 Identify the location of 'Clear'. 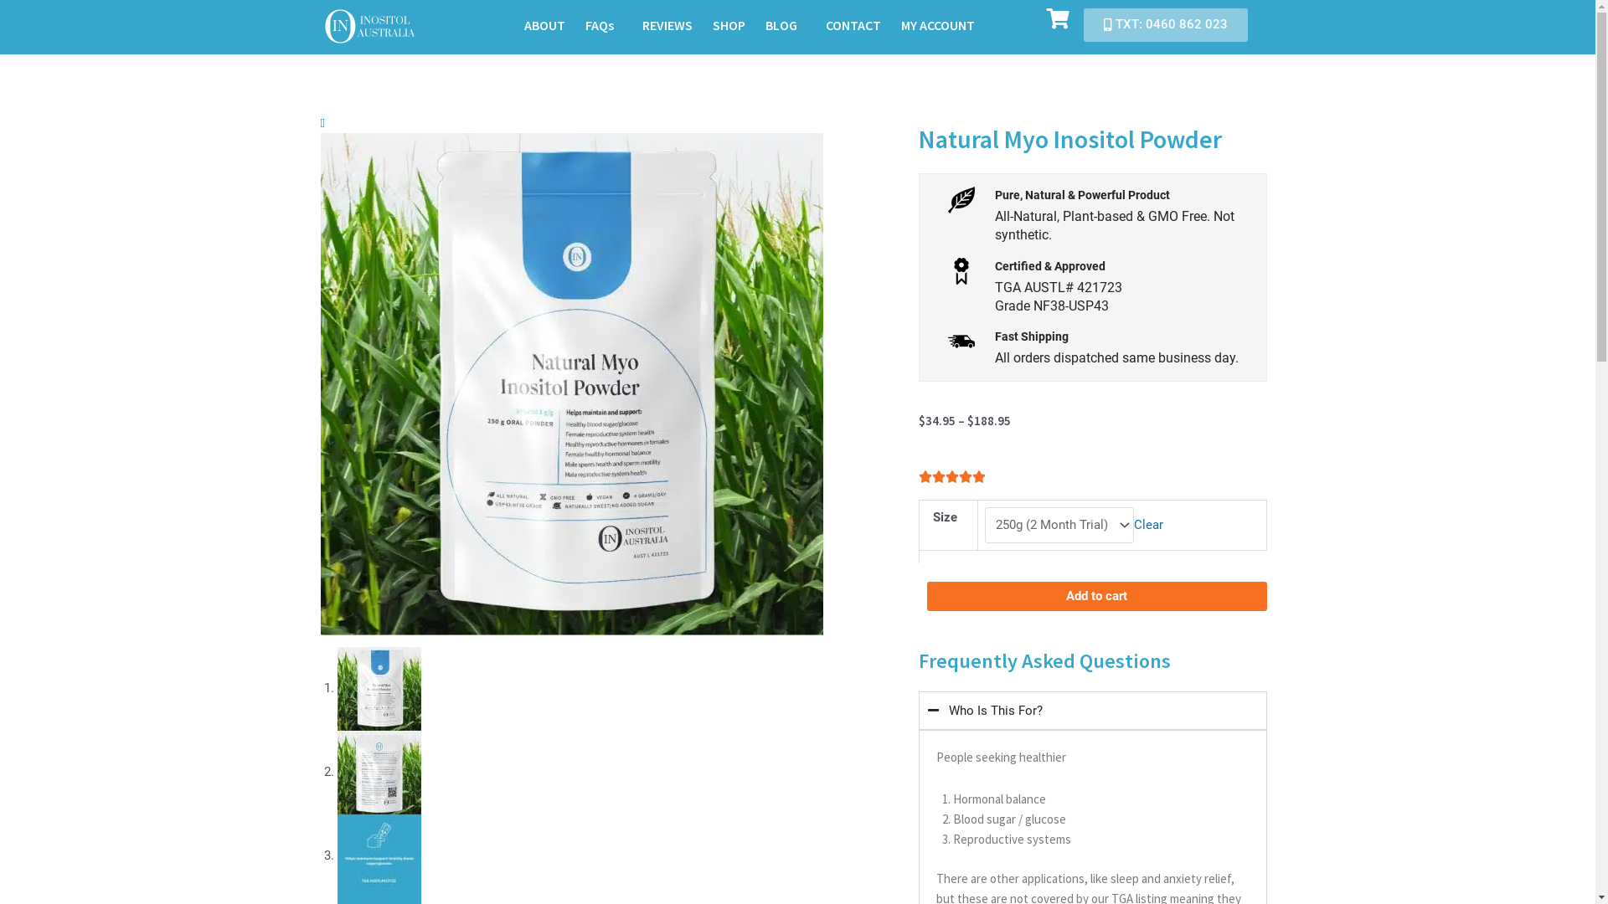
(1133, 524).